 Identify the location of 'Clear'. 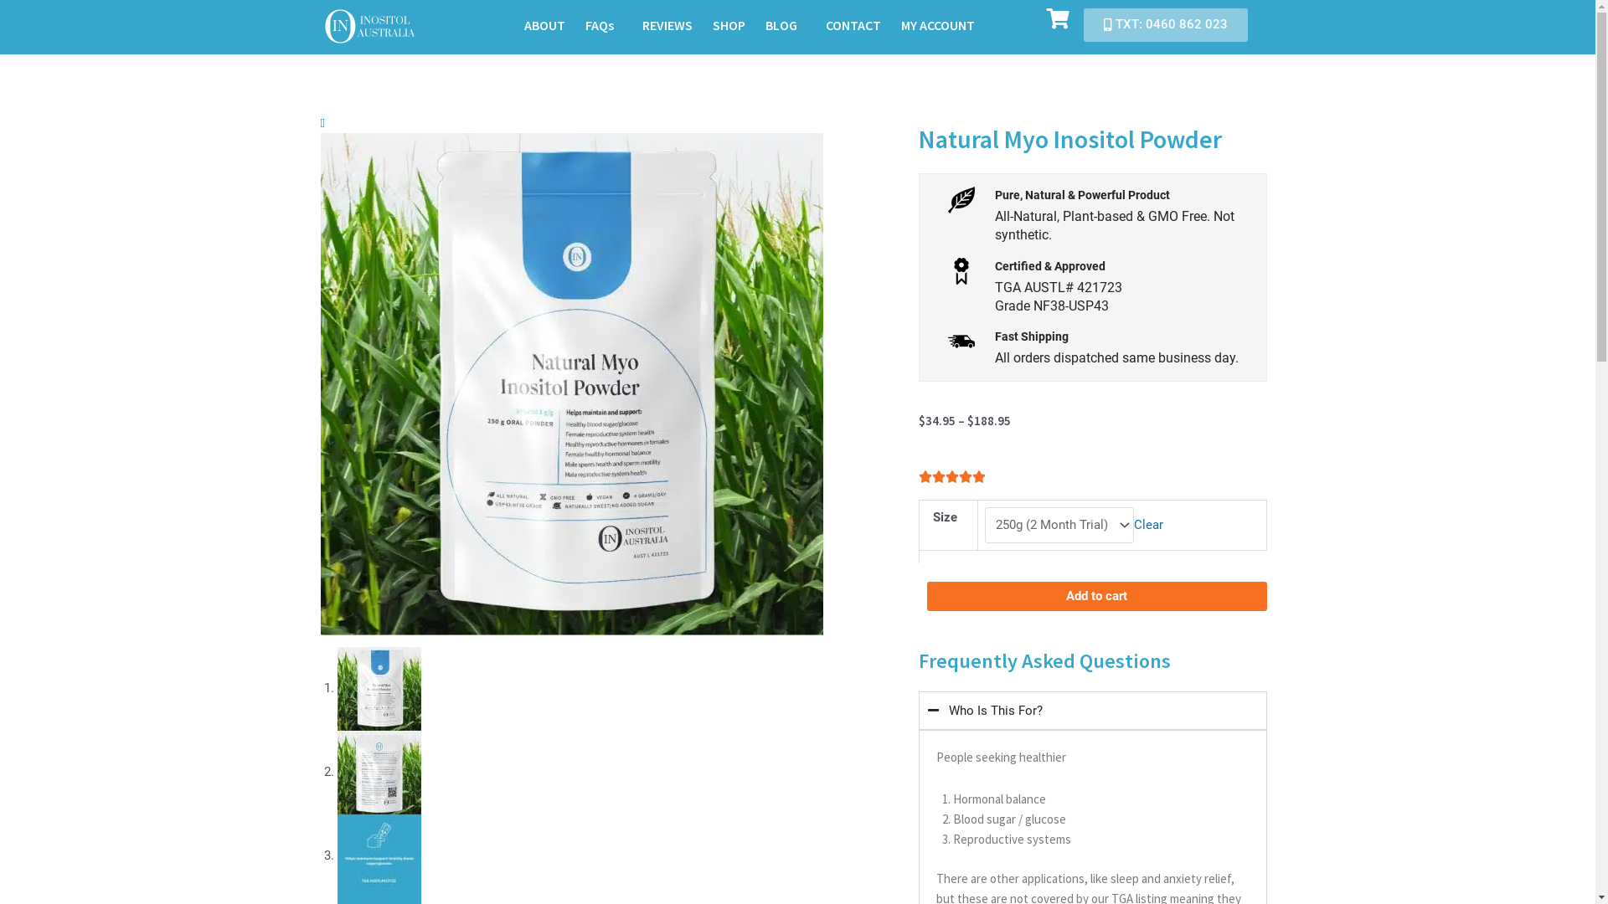
(1133, 524).